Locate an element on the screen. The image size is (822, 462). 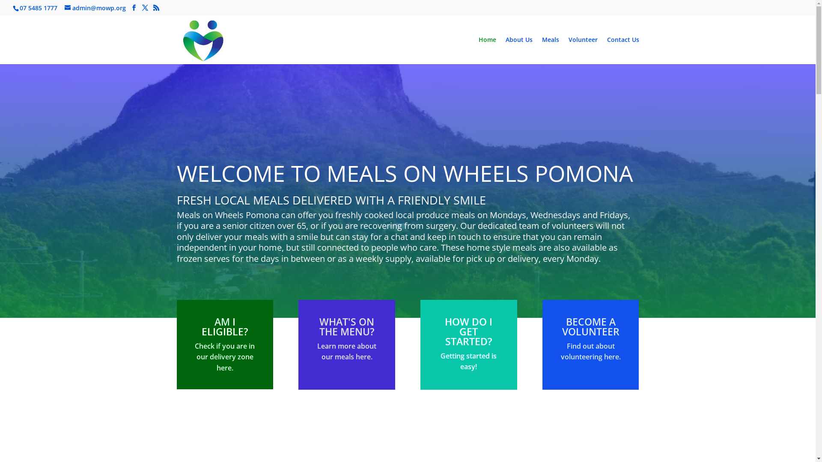
'Contact Us' is located at coordinates (623, 50).